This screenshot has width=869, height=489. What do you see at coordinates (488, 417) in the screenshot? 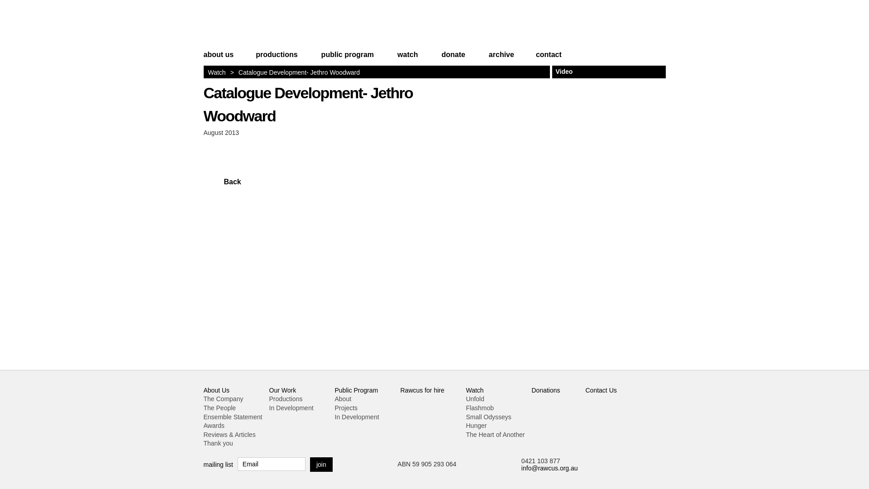
I see `'Small Odysseys'` at bounding box center [488, 417].